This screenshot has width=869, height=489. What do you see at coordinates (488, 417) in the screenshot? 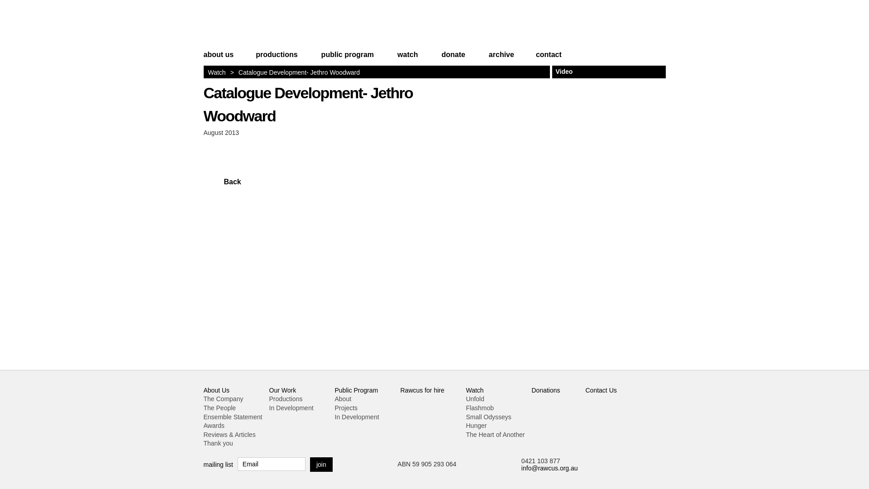
I see `'Small Odysseys'` at bounding box center [488, 417].